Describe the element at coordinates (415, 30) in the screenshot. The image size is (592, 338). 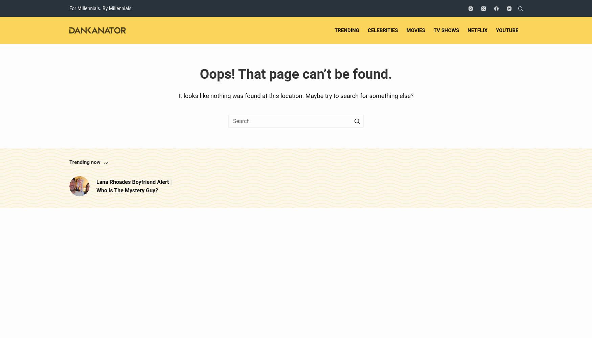
I see `'Movies'` at that location.